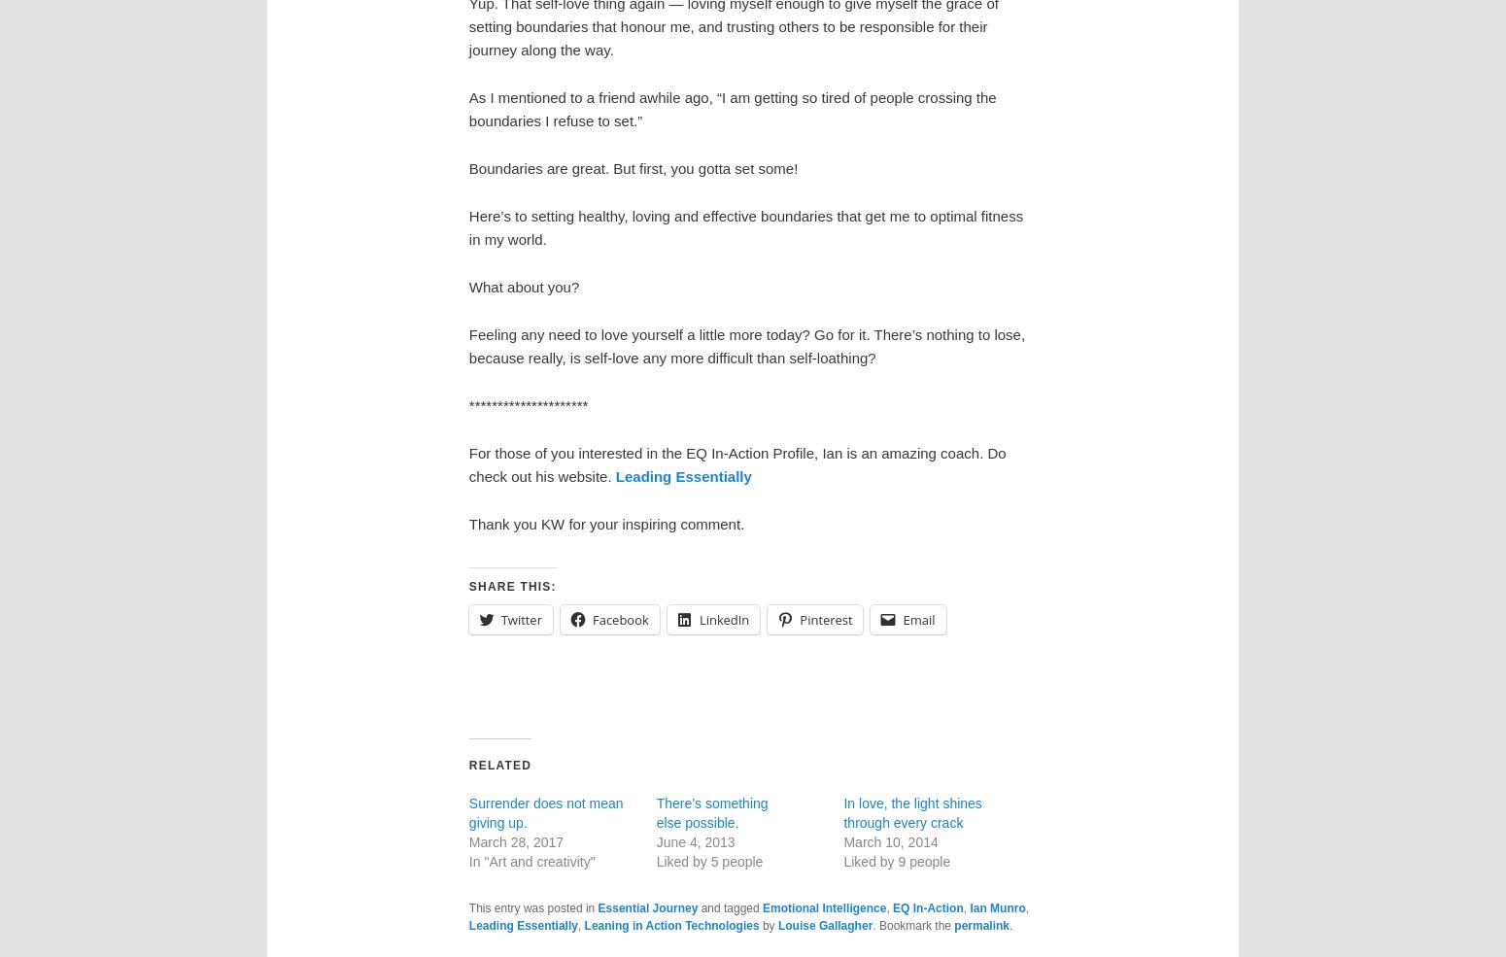 The height and width of the screenshot is (957, 1506). What do you see at coordinates (669, 925) in the screenshot?
I see `'Leaning in Action Technologies'` at bounding box center [669, 925].